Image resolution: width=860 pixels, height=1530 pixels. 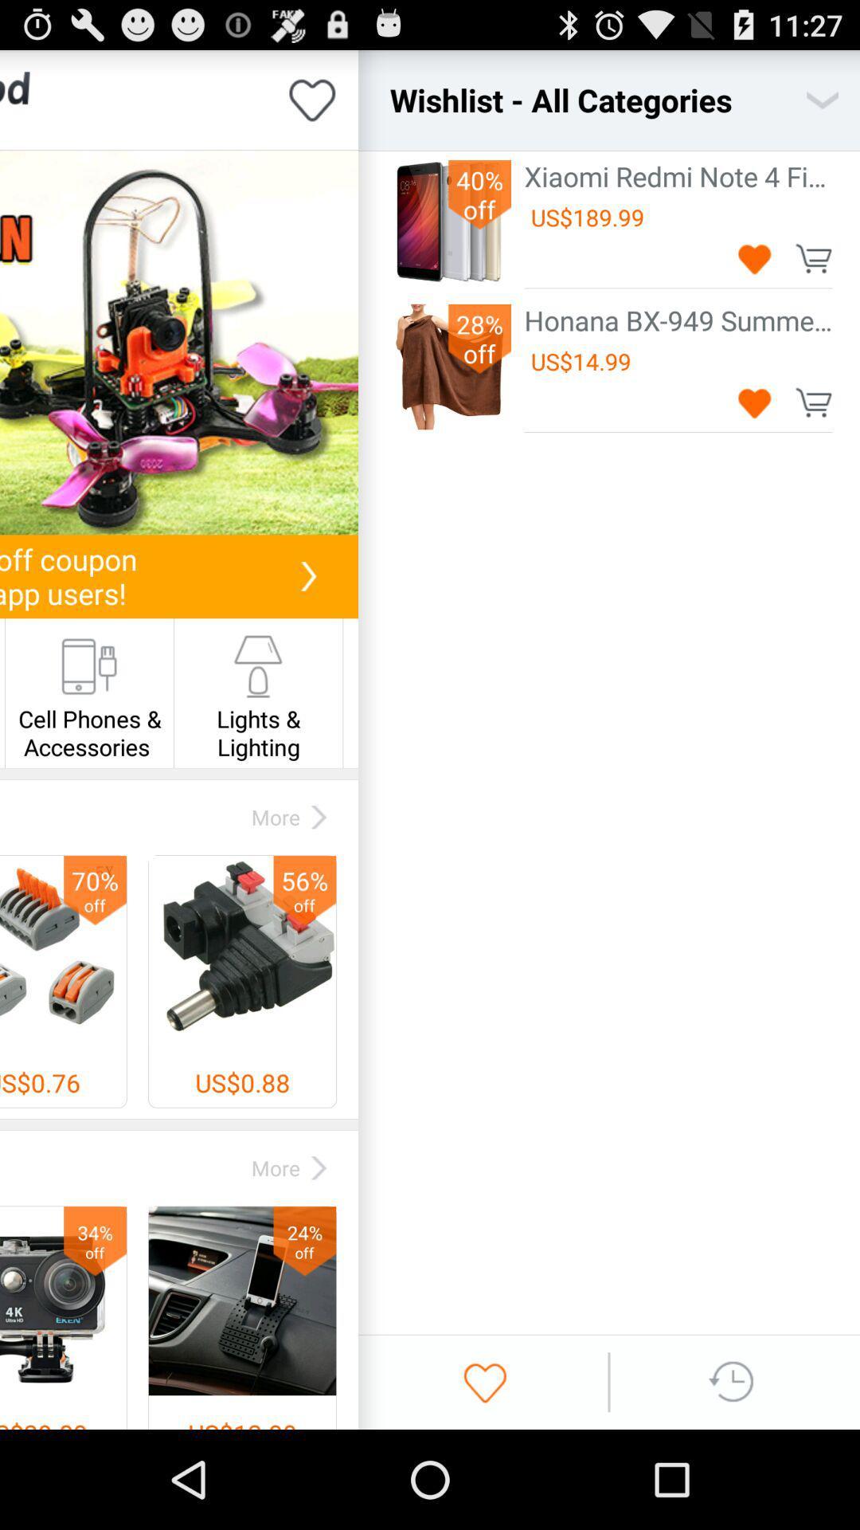 What do you see at coordinates (813, 258) in the screenshot?
I see `to cart` at bounding box center [813, 258].